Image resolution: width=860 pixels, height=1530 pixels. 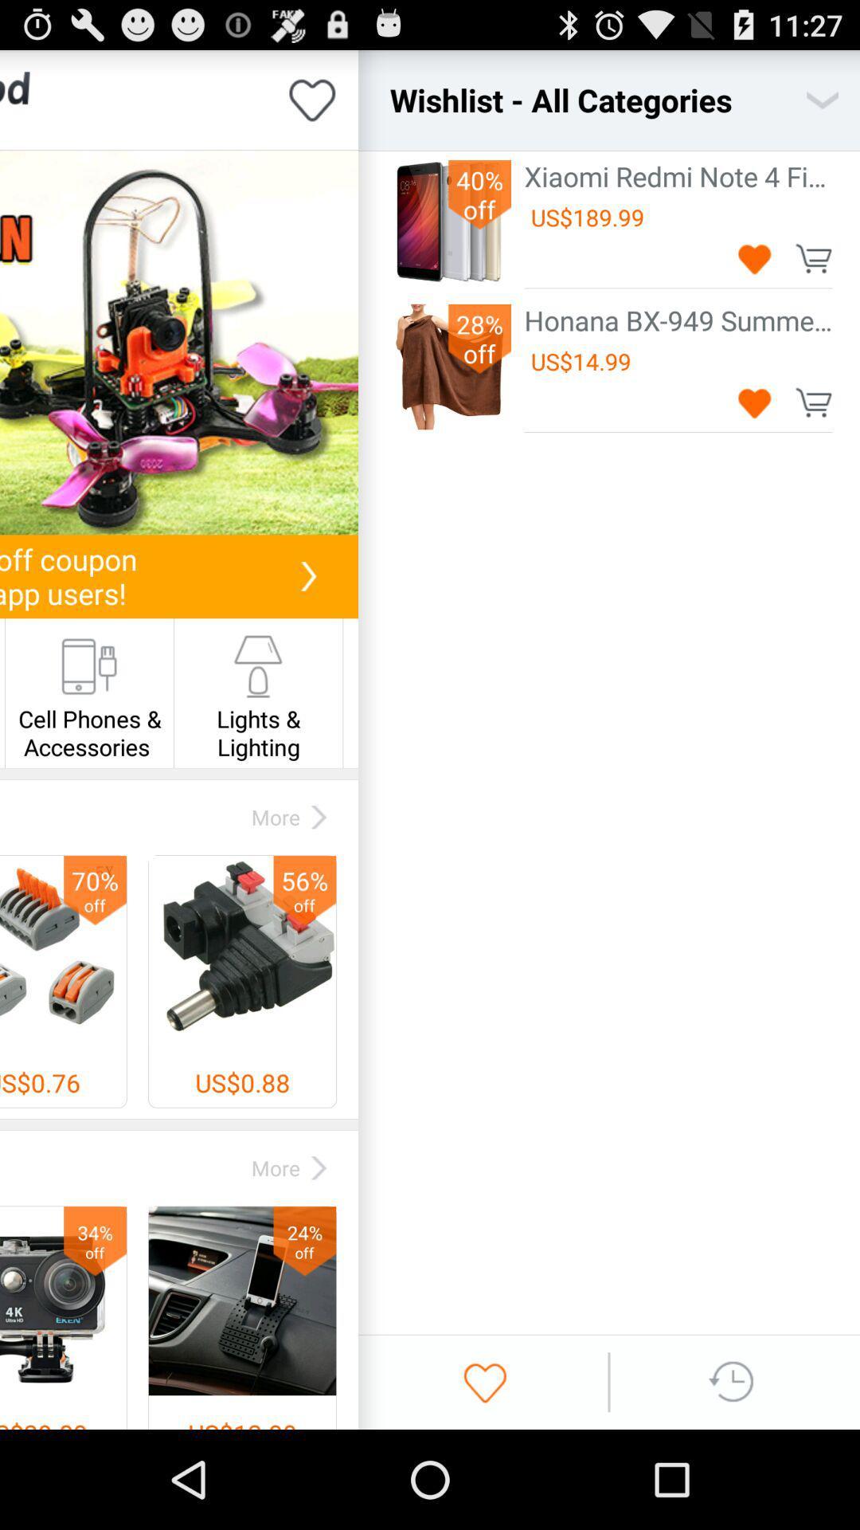 What do you see at coordinates (813, 258) in the screenshot?
I see `to cart` at bounding box center [813, 258].